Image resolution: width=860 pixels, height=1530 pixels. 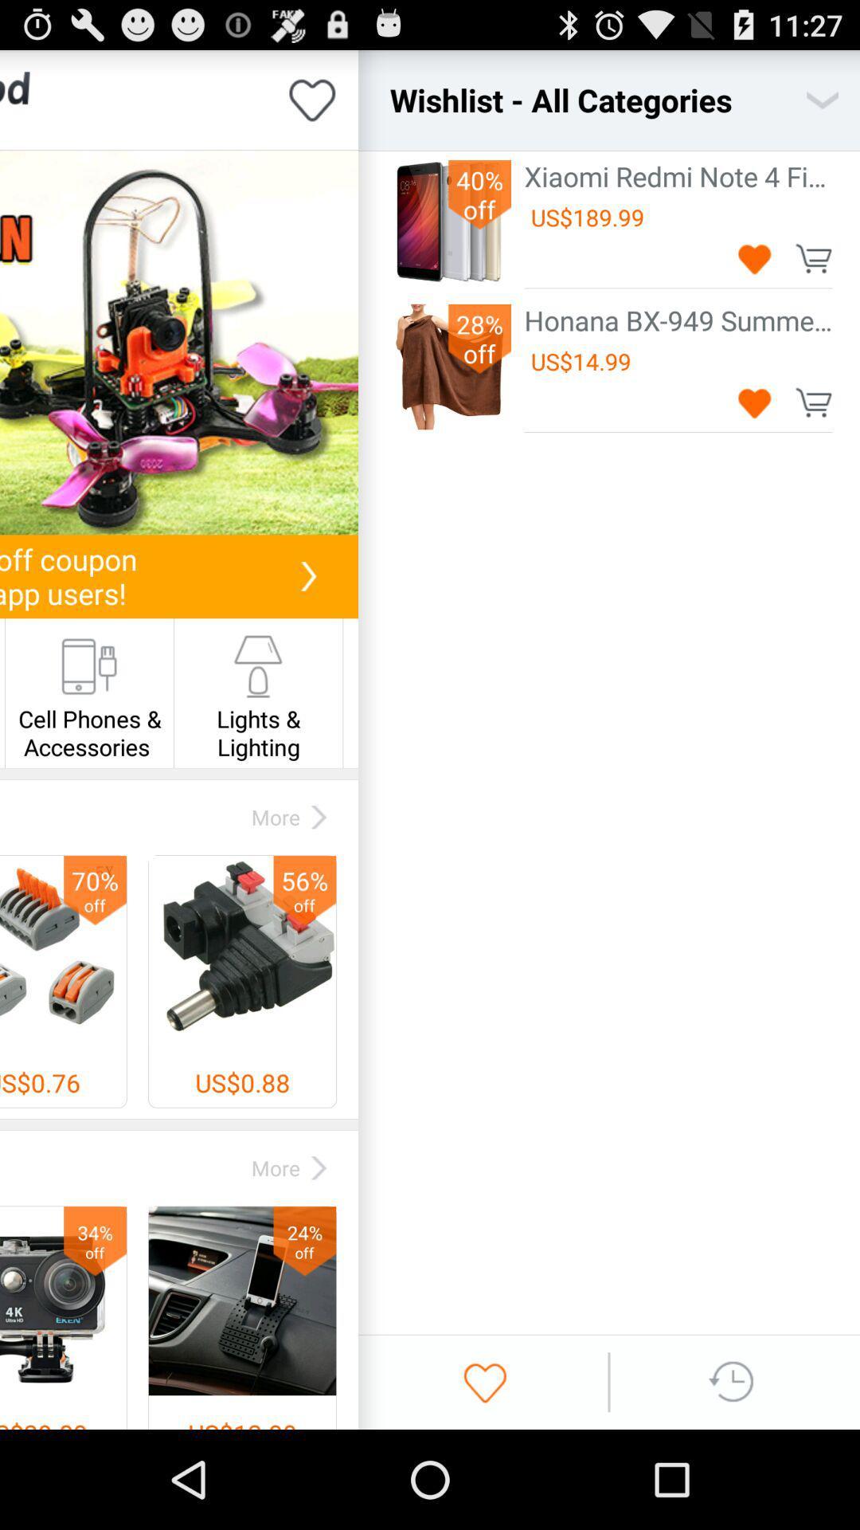 What do you see at coordinates (813, 258) in the screenshot?
I see `to cart` at bounding box center [813, 258].